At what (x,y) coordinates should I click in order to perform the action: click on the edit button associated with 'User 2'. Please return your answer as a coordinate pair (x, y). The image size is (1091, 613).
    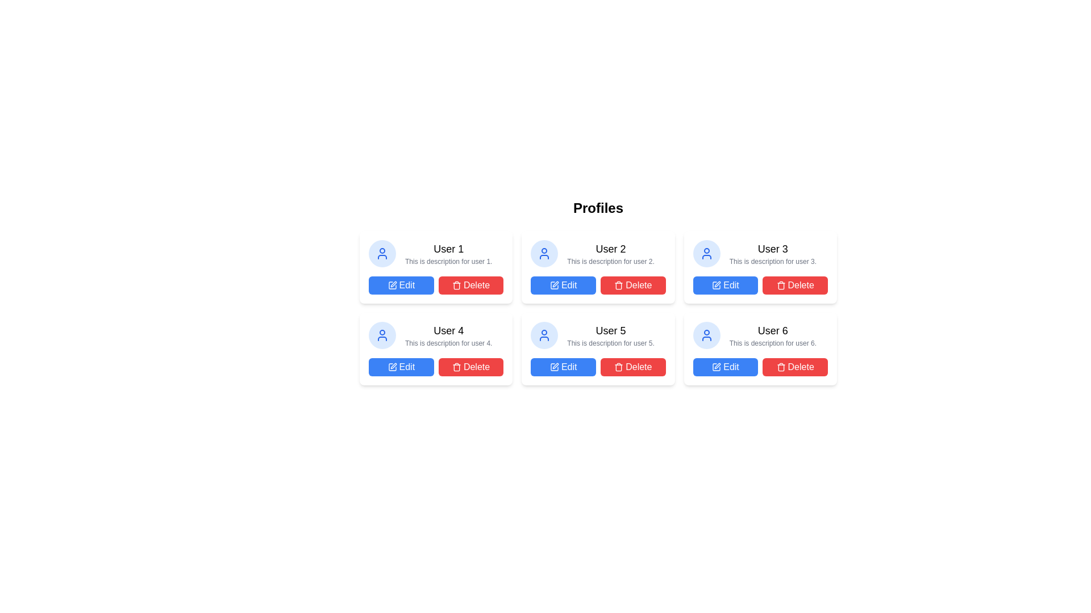
    Looking at the image, I should click on (563, 284).